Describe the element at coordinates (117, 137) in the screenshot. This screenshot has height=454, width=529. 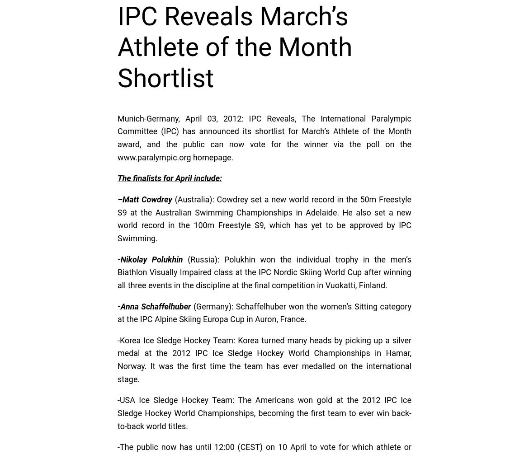
I see `'Munich-Germany, April 03, 2012: IPC Reveals, The International Paralympic Committee (IPC) has announced its shortlist for March’s Athlete of the Month award, and the public can now vote for the winner via the poll on the www.paralympic.org homepage.'` at that location.